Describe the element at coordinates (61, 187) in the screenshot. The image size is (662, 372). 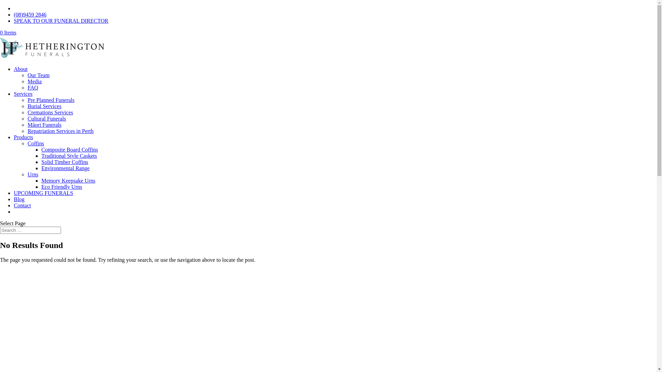
I see `'Eco Friendly Urns'` at that location.